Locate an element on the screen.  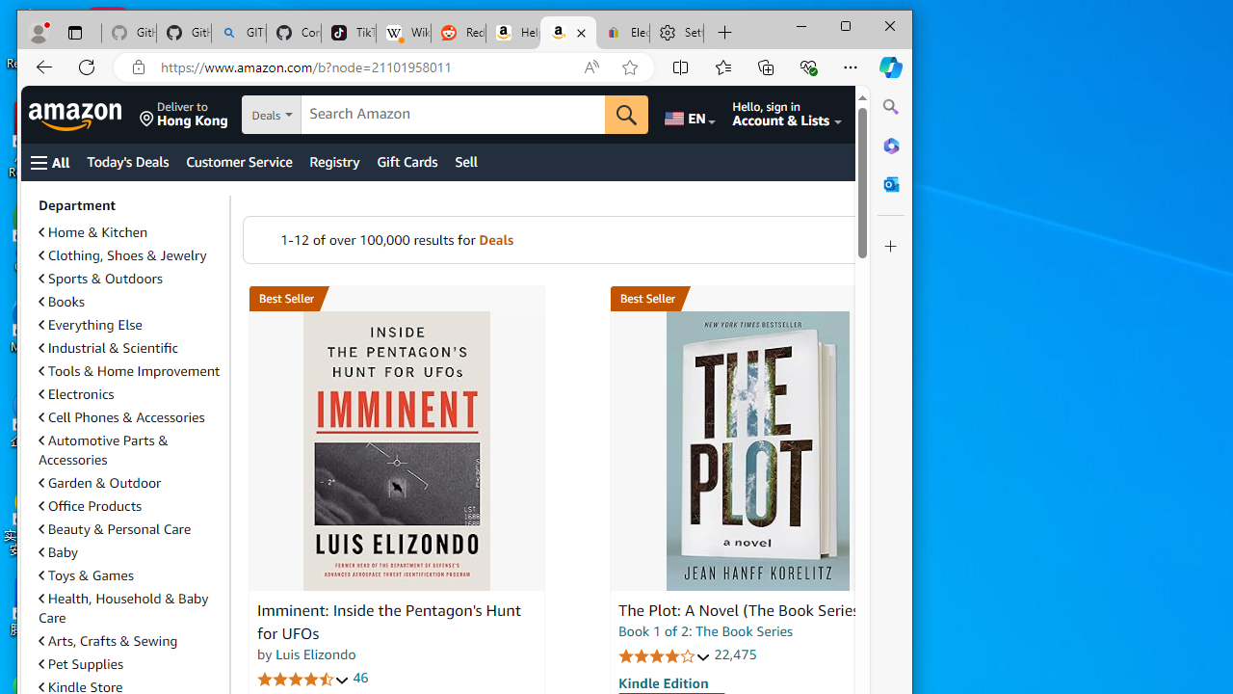
'Close Outlook pane' is located at coordinates (890, 183).